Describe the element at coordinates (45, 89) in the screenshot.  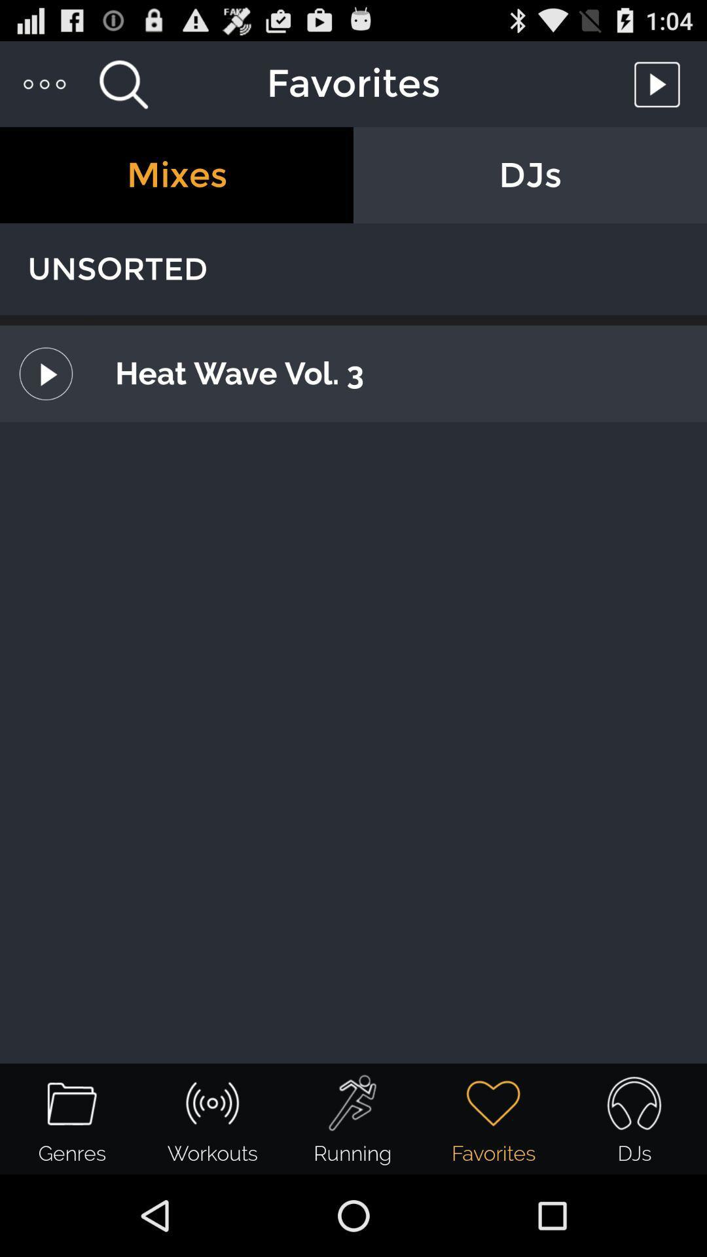
I see `the more icon` at that location.